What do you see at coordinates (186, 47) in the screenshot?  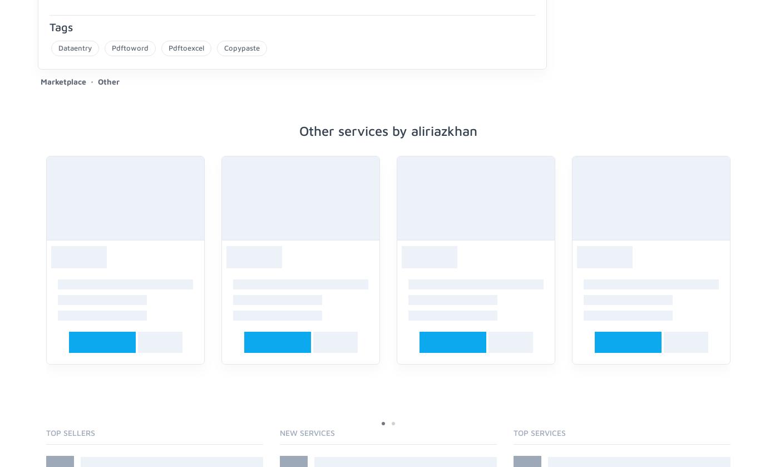 I see `'Pdftoexcel'` at bounding box center [186, 47].